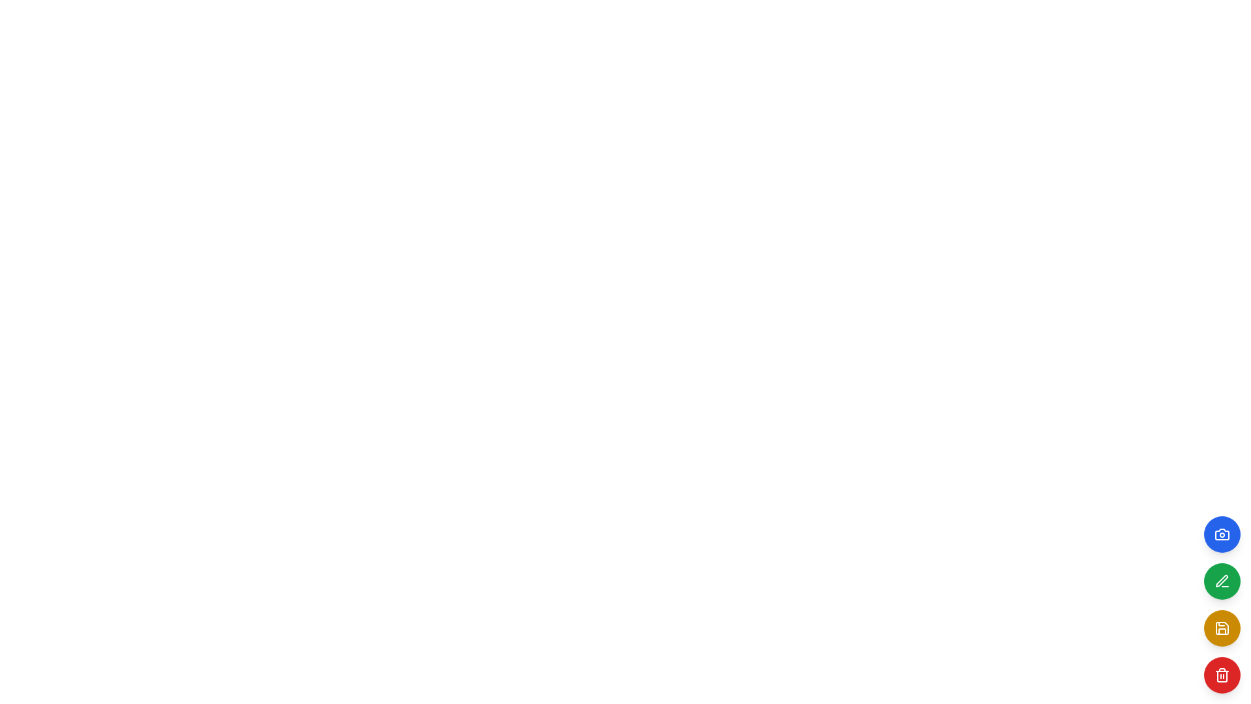 The width and height of the screenshot is (1251, 704). Describe the element at coordinates (1222, 628) in the screenshot. I see `the diskette icon, which is the third button in the vertical menu on the right edge of the interface, to initiate a save action` at that location.